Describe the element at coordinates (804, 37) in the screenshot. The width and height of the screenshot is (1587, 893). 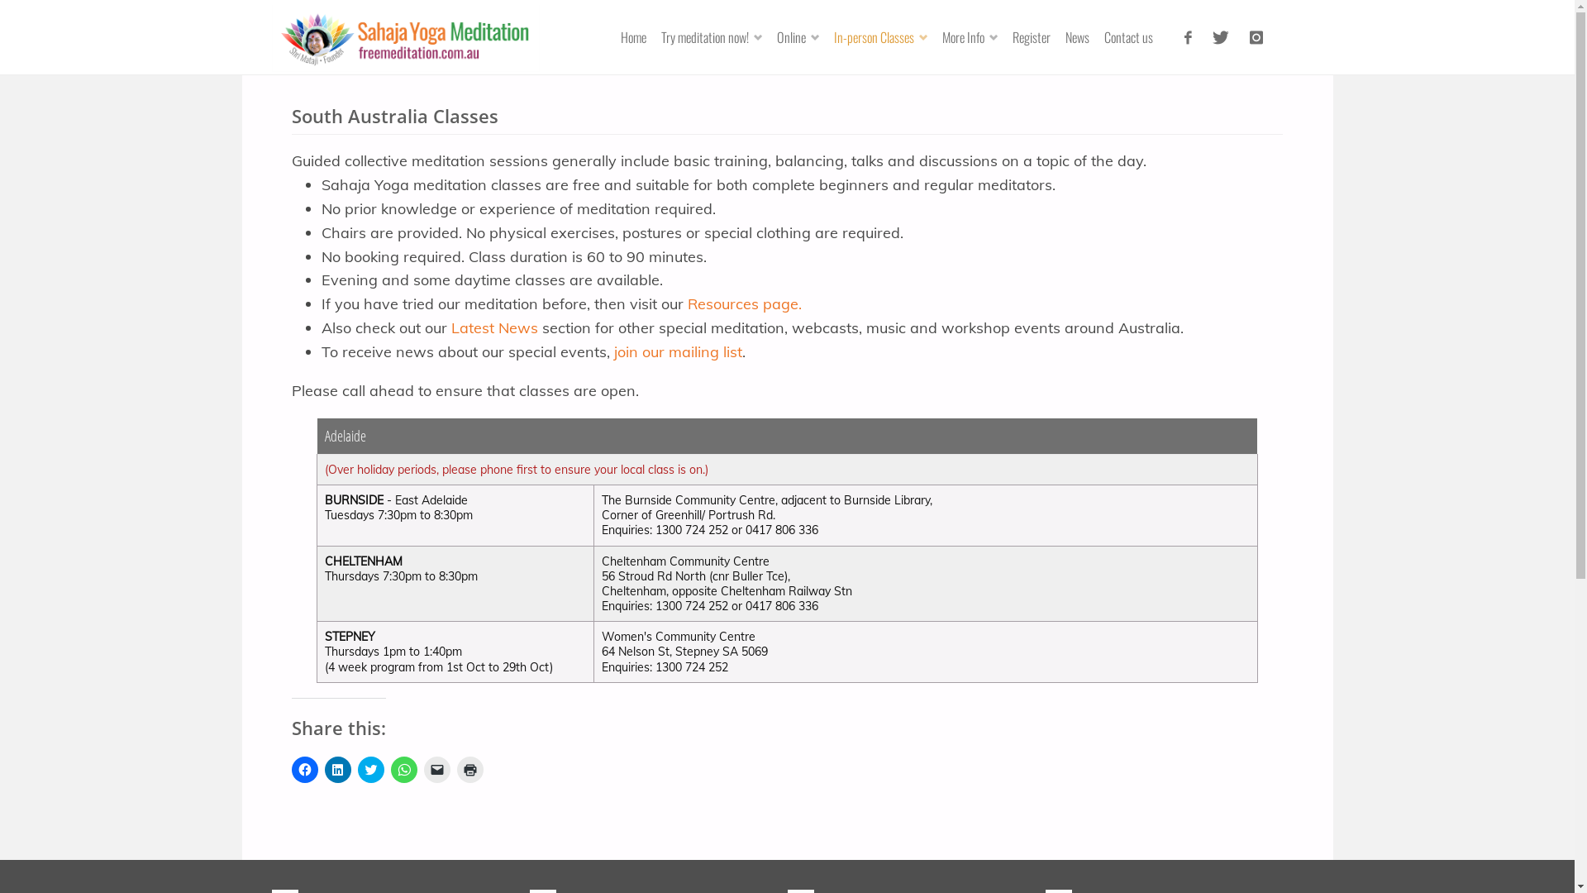
I see `'Online'` at that location.